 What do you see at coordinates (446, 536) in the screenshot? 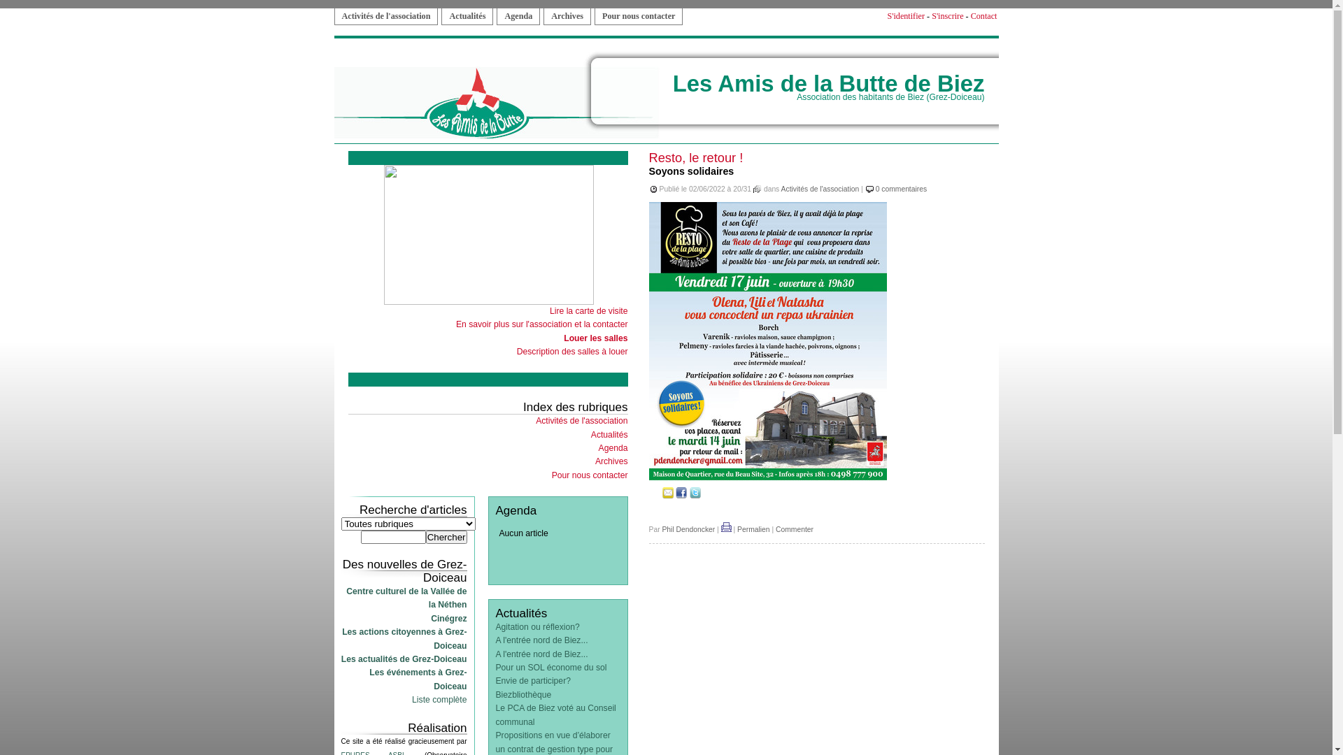
I see `'Chercher'` at bounding box center [446, 536].